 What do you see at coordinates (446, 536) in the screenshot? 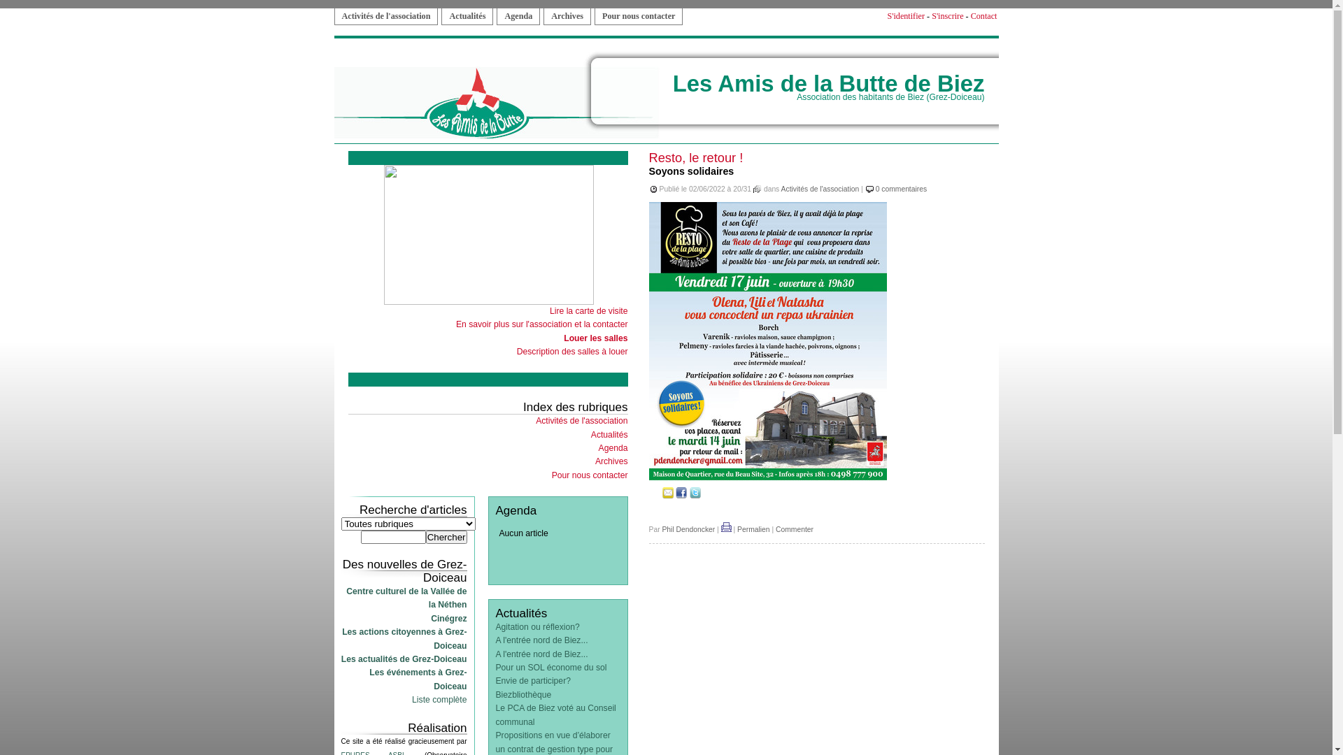
I see `'Chercher'` at bounding box center [446, 536].